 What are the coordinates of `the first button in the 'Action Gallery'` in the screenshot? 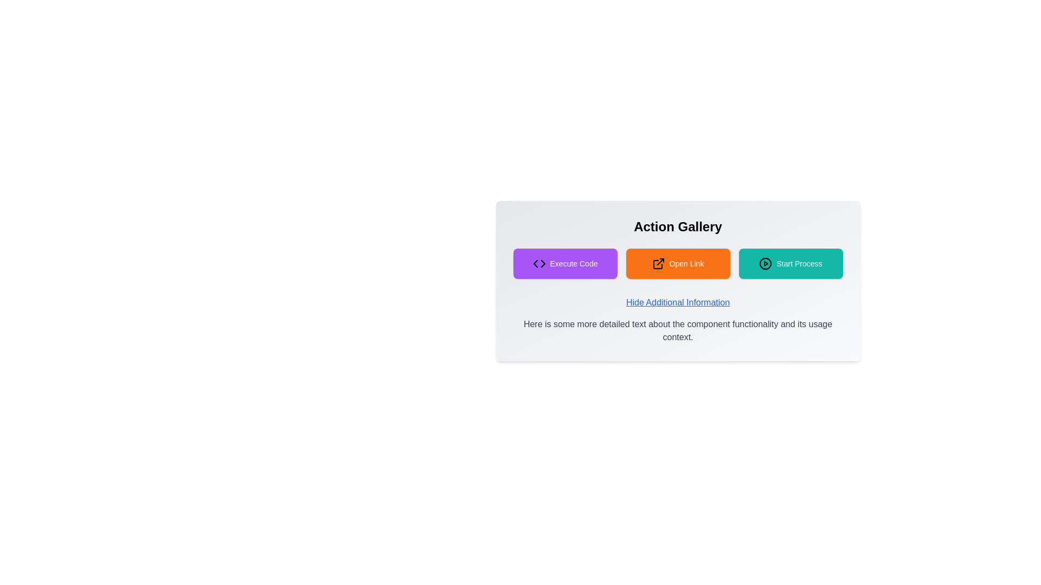 It's located at (564, 263).